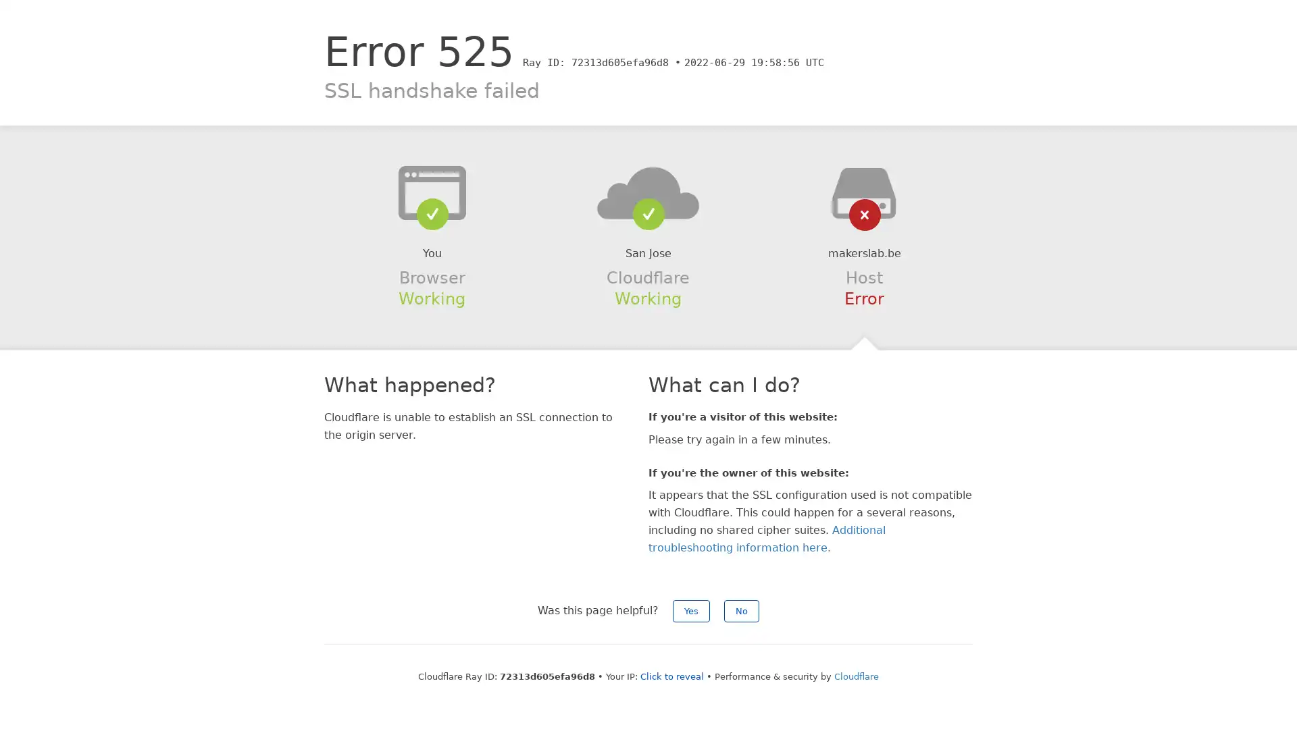  Describe the element at coordinates (741, 611) in the screenshot. I see `No` at that location.